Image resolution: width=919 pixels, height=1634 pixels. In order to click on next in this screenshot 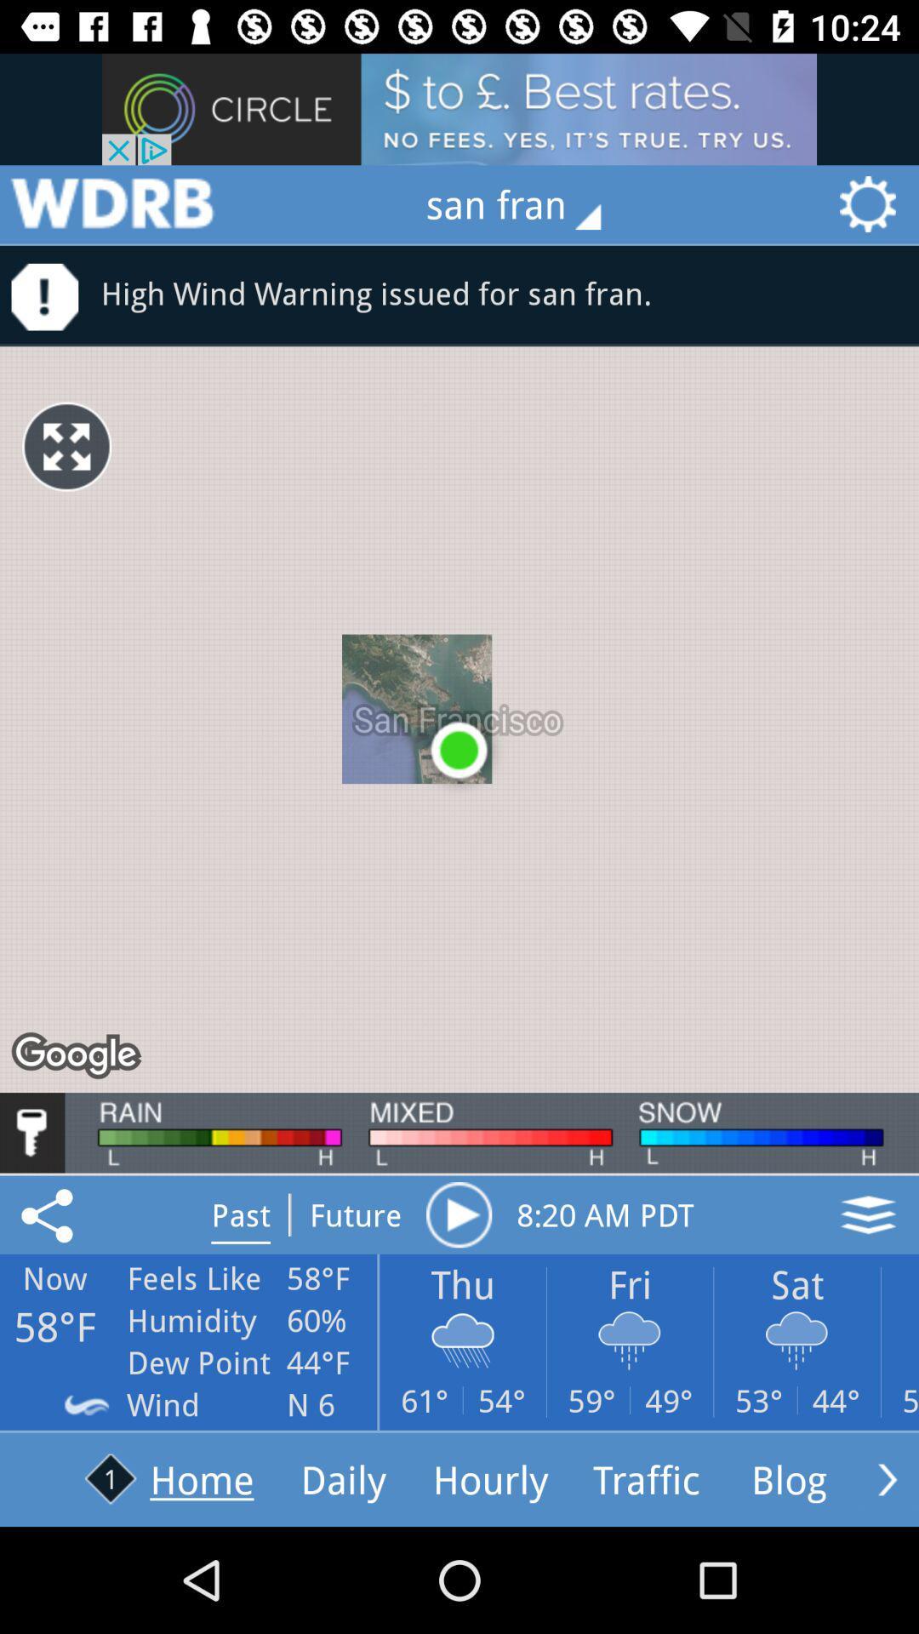, I will do `click(887, 1478)`.